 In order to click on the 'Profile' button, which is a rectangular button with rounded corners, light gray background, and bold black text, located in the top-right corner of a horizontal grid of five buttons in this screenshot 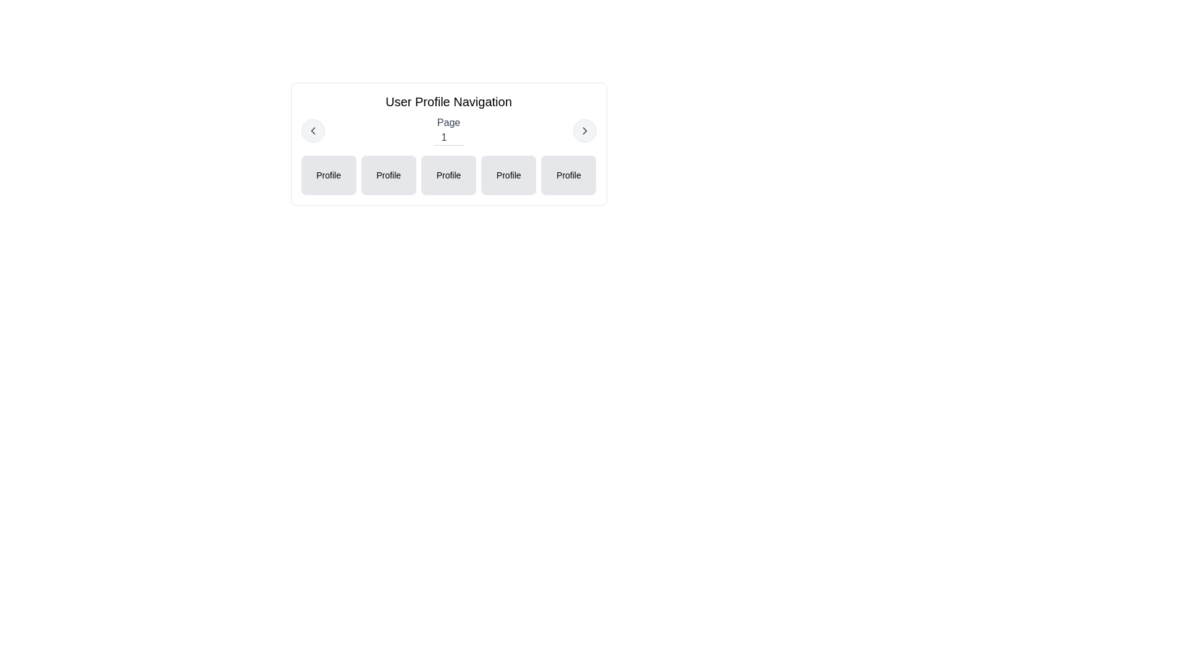, I will do `click(568, 175)`.